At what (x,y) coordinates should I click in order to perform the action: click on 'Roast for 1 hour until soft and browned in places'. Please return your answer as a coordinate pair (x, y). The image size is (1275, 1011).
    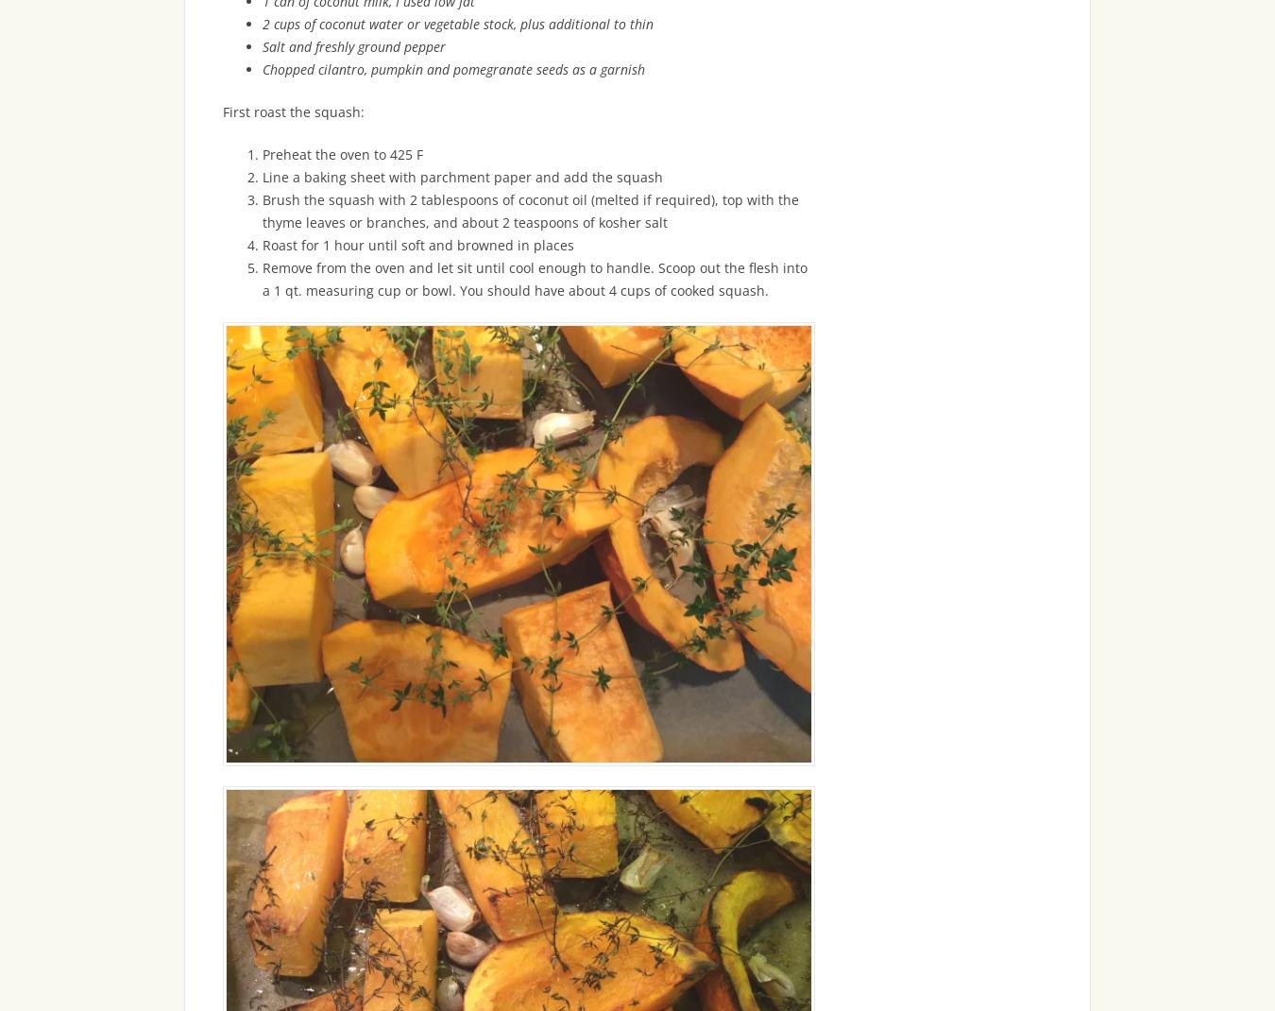
    Looking at the image, I should click on (417, 243).